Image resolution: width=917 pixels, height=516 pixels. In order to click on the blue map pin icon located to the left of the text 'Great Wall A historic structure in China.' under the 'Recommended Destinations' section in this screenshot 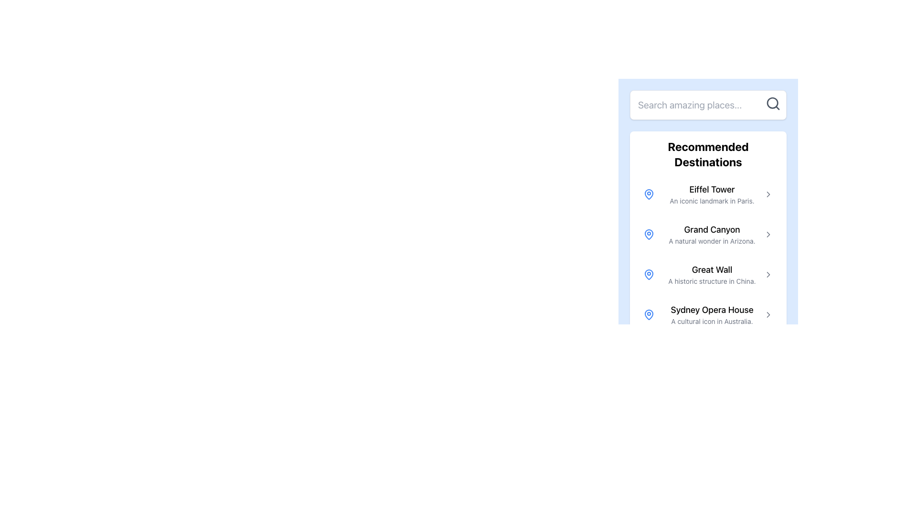, I will do `click(649, 274)`.